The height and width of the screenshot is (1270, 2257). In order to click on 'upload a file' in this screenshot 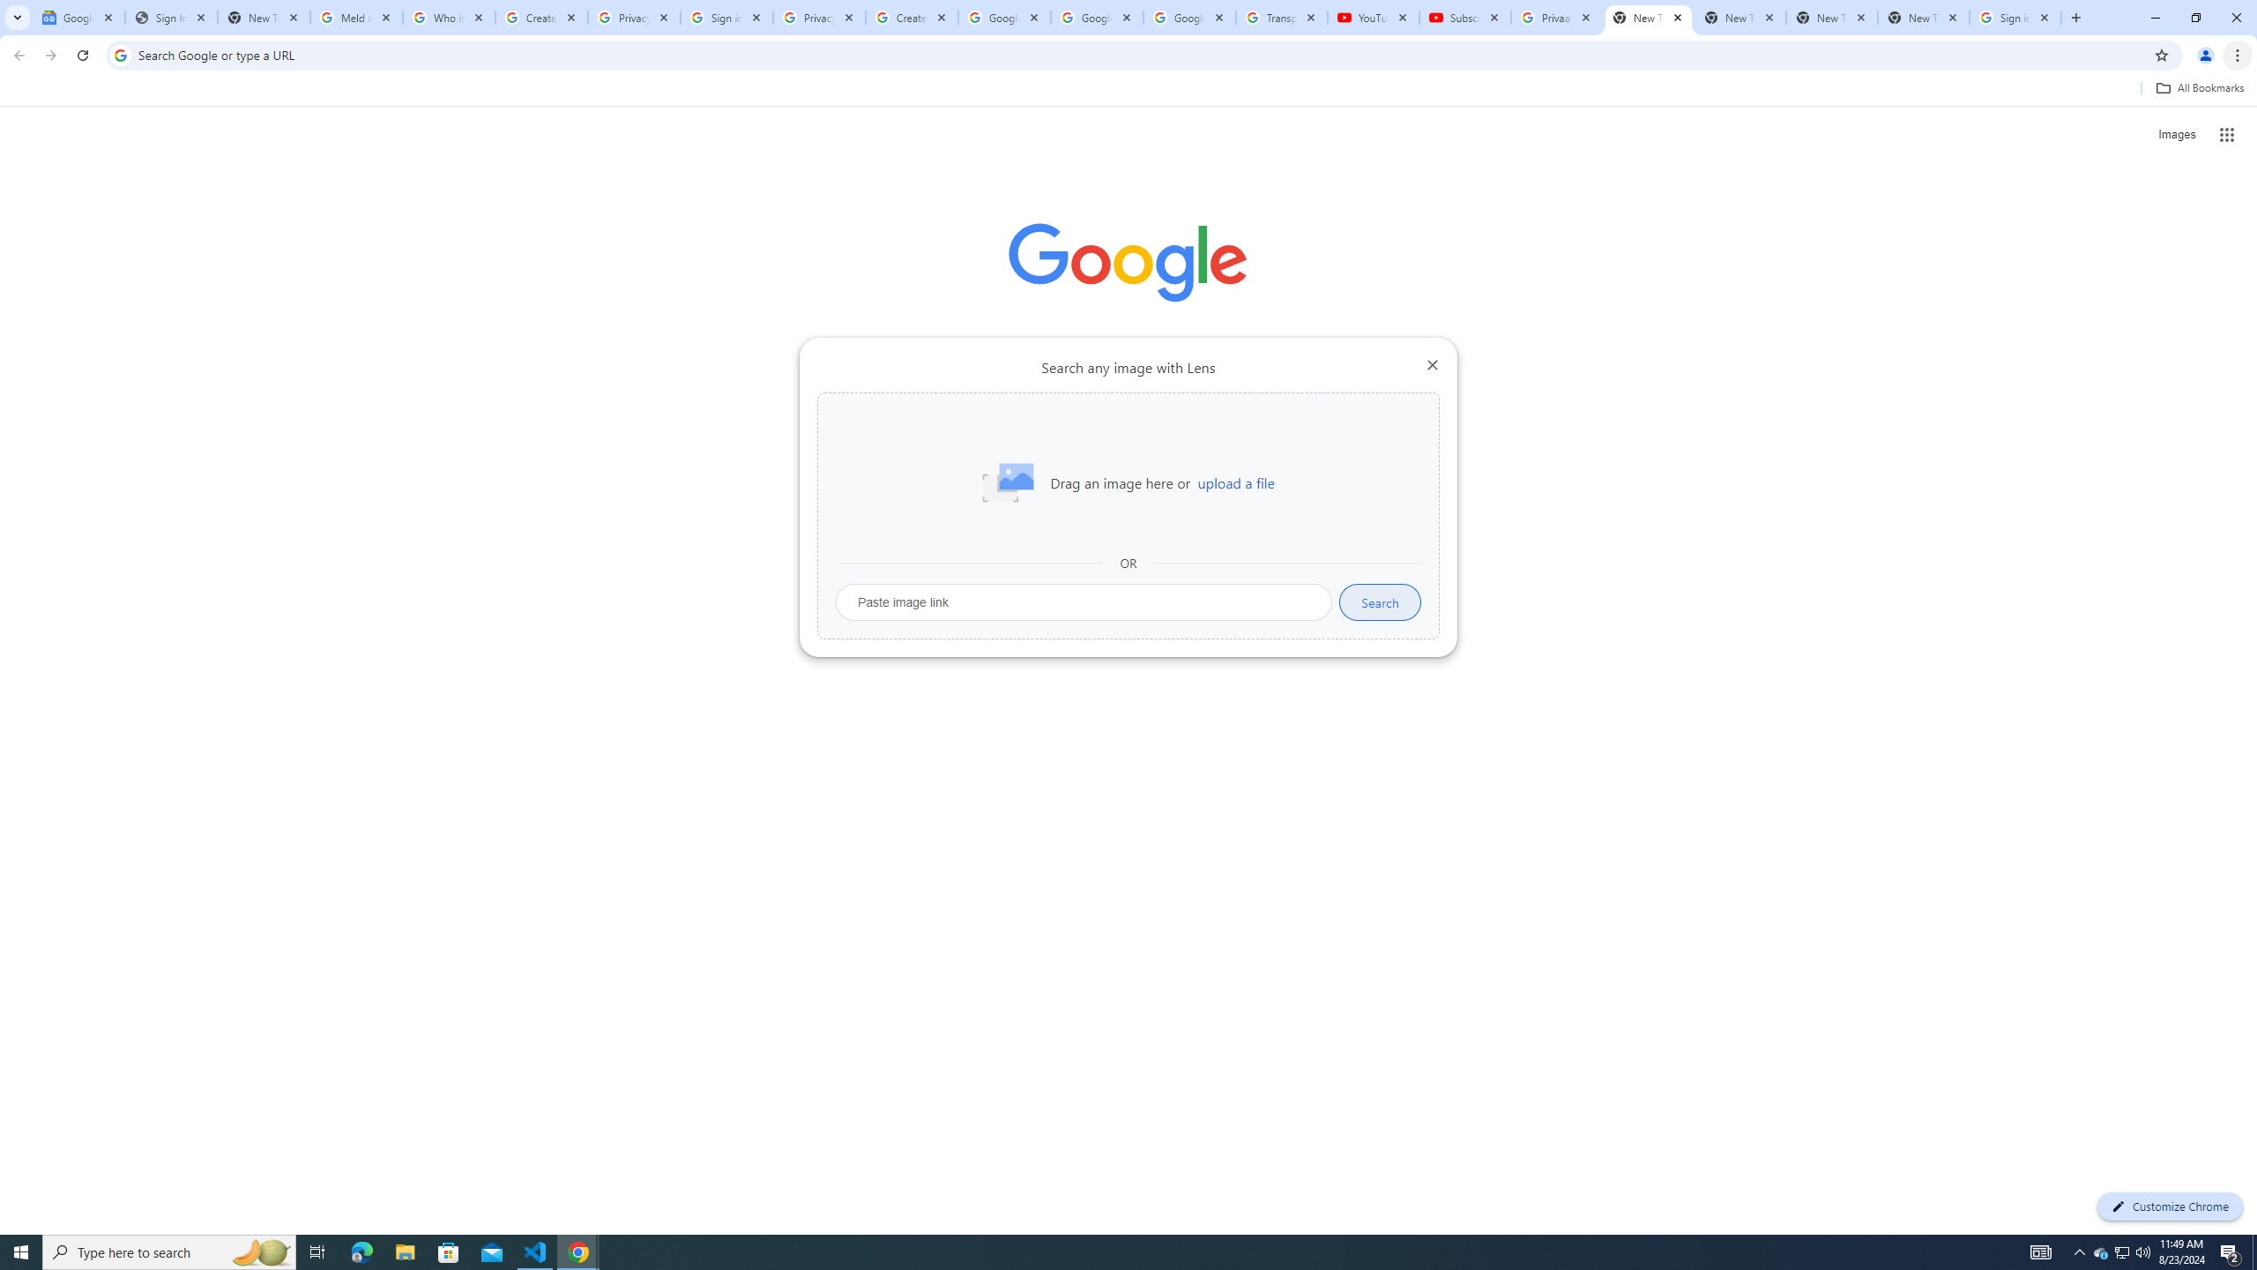, I will do `click(1235, 482)`.